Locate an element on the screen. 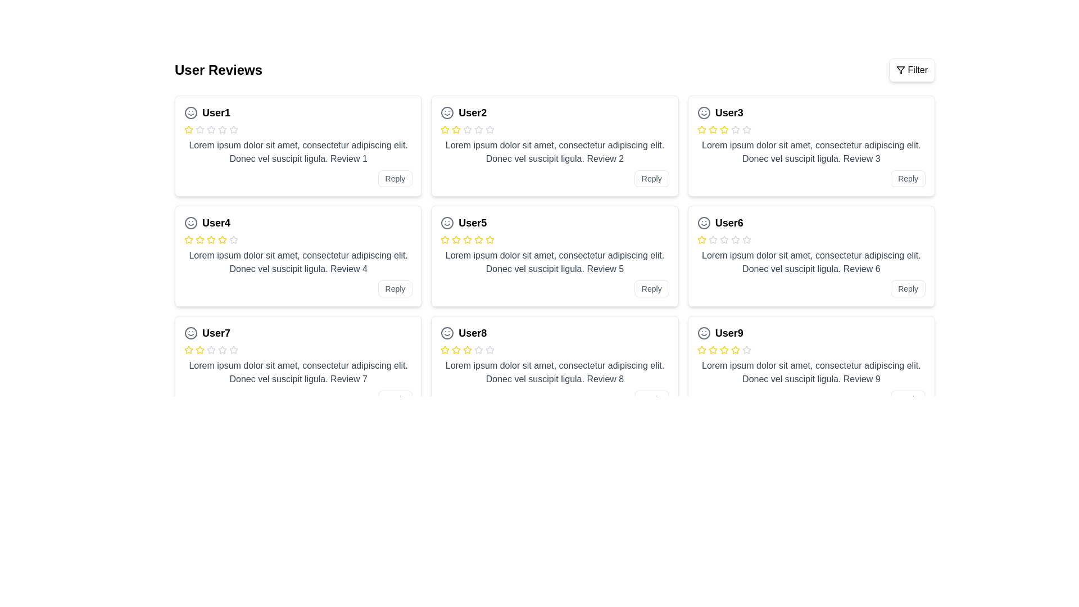 The width and height of the screenshot is (1079, 607). the fifth star icon in the rating component to rate the review by 'User5' is located at coordinates (490, 239).